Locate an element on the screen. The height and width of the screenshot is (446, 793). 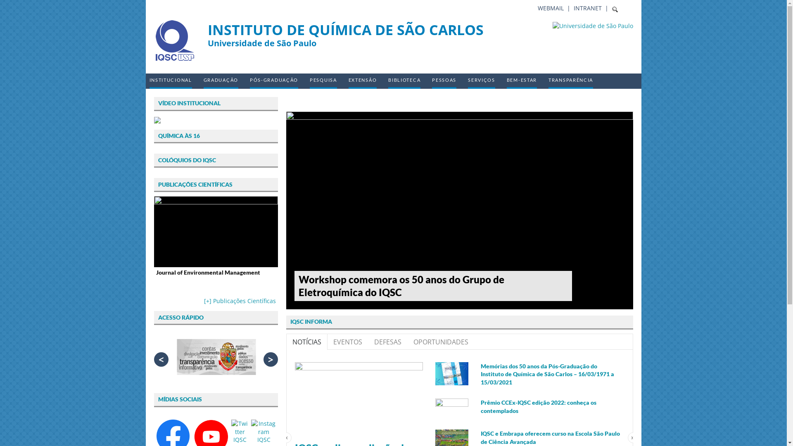
'BIBLIOTECA' is located at coordinates (404, 81).